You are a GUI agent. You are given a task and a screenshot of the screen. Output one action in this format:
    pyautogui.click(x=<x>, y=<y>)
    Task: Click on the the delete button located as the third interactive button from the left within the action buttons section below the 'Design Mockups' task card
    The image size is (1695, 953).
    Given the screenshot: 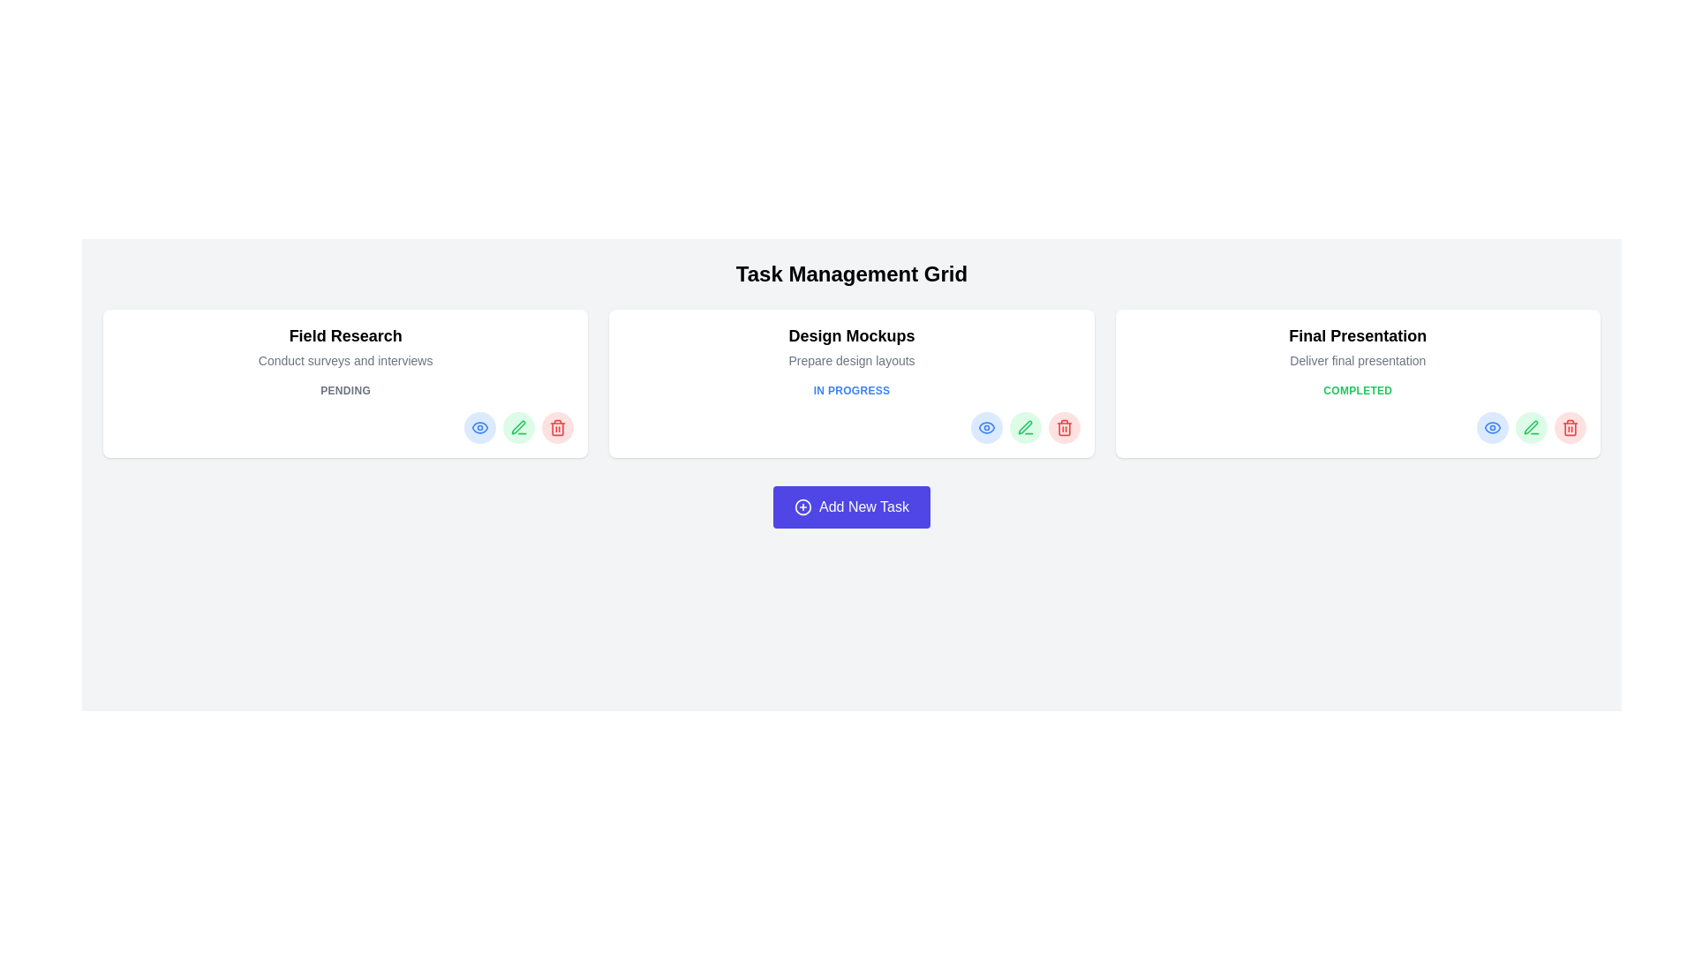 What is the action you would take?
    pyautogui.click(x=1063, y=428)
    